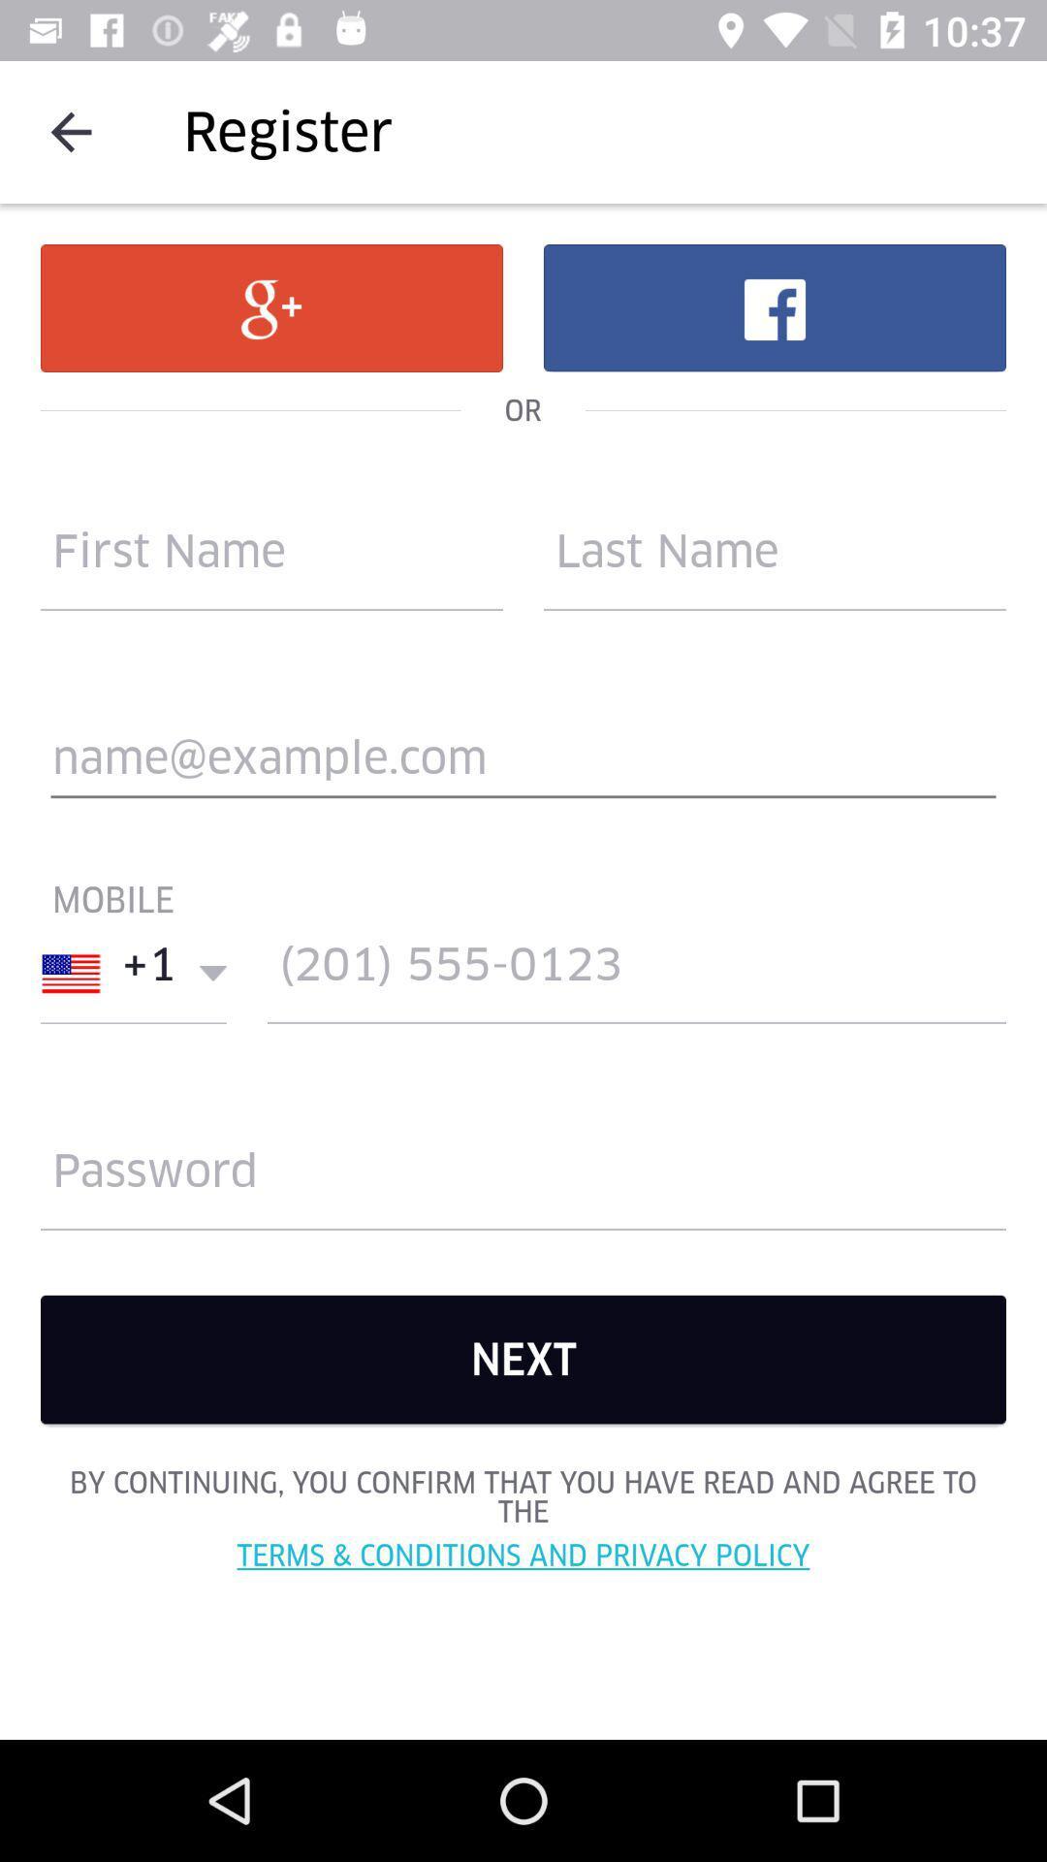 The height and width of the screenshot is (1862, 1047). What do you see at coordinates (774, 306) in the screenshot?
I see `the facebook icon` at bounding box center [774, 306].